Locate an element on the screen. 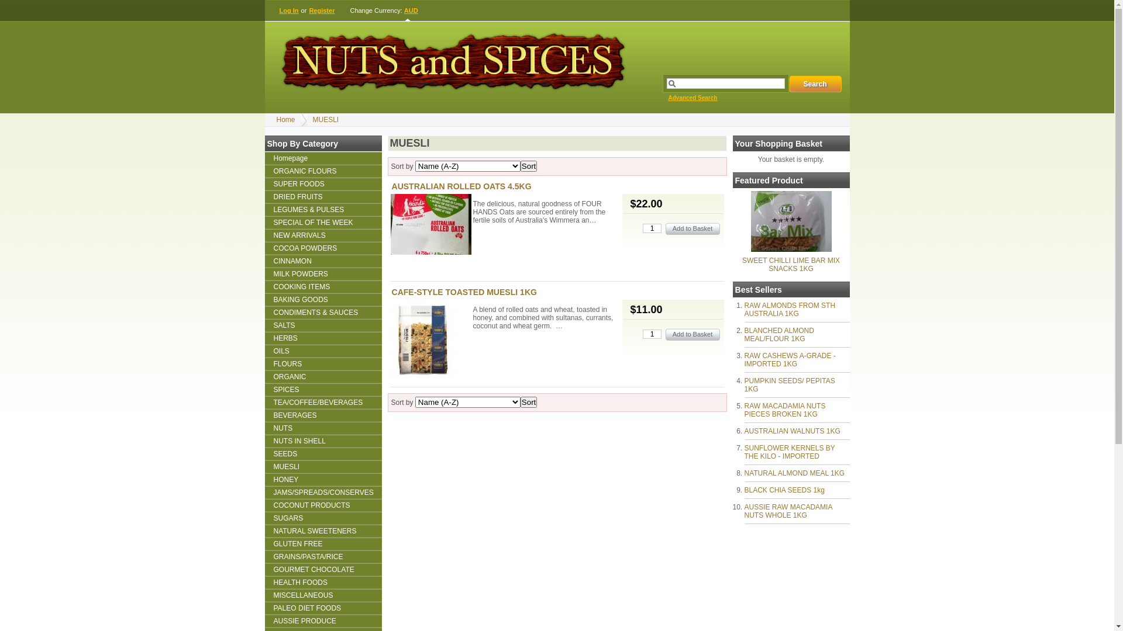 The height and width of the screenshot is (631, 1123). 'AUD' is located at coordinates (411, 11).